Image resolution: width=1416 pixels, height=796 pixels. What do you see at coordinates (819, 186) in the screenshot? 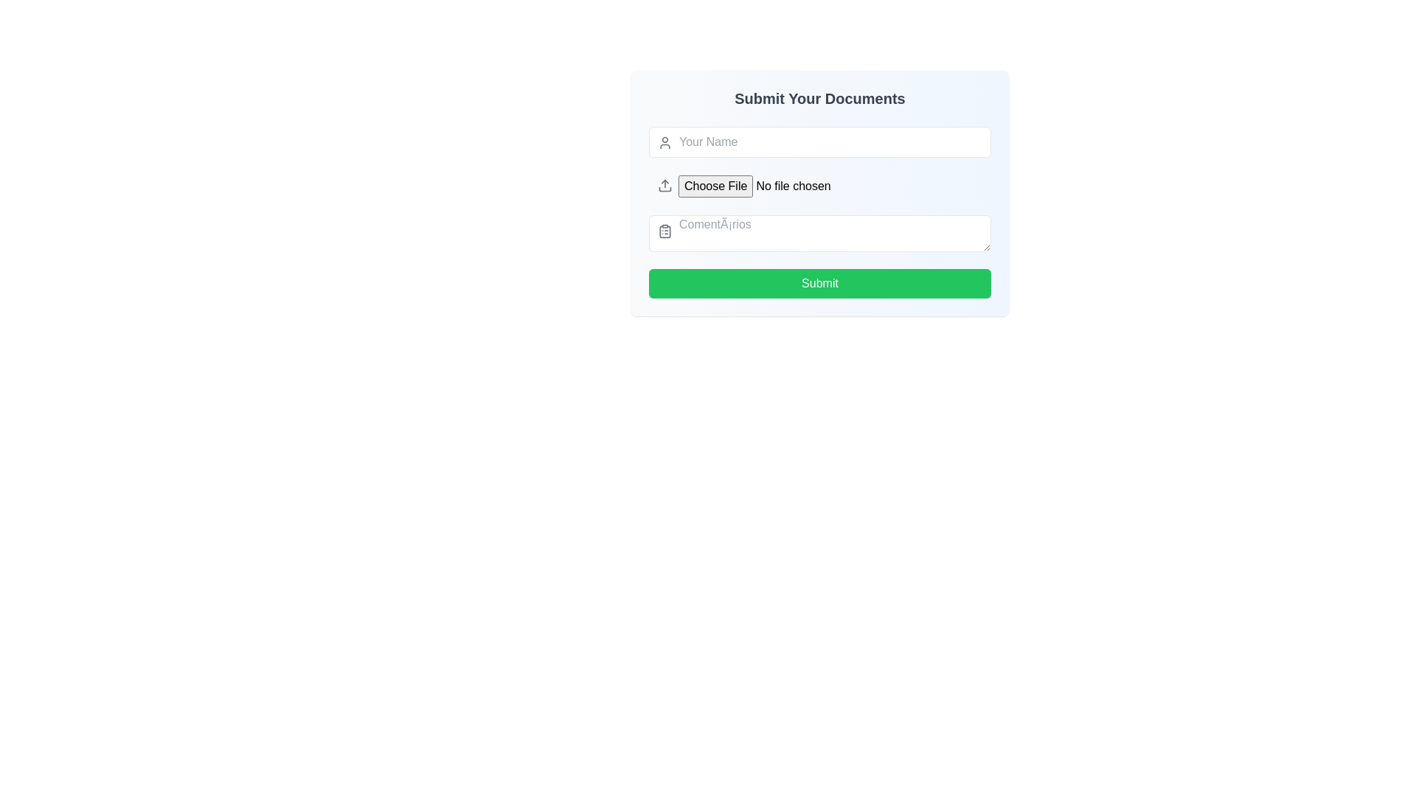
I see `the file input field labeled 'Upload Document' to submit a file by opening the file browser` at bounding box center [819, 186].